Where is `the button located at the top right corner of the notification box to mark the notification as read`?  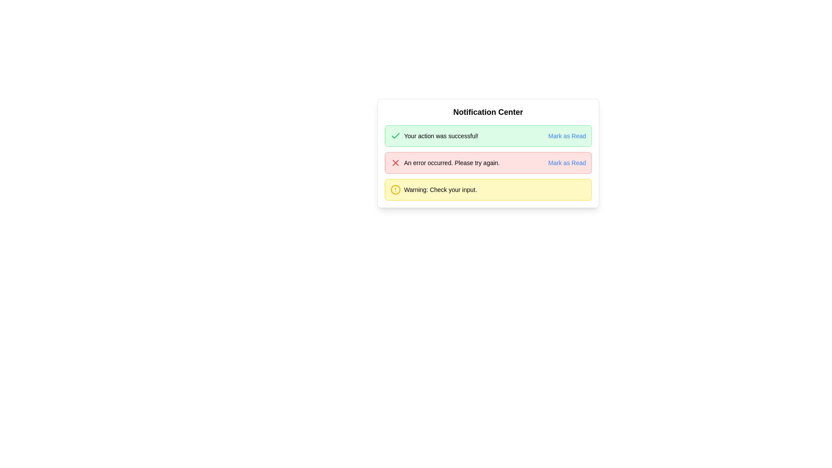
the button located at the top right corner of the notification box to mark the notification as read is located at coordinates (567, 162).